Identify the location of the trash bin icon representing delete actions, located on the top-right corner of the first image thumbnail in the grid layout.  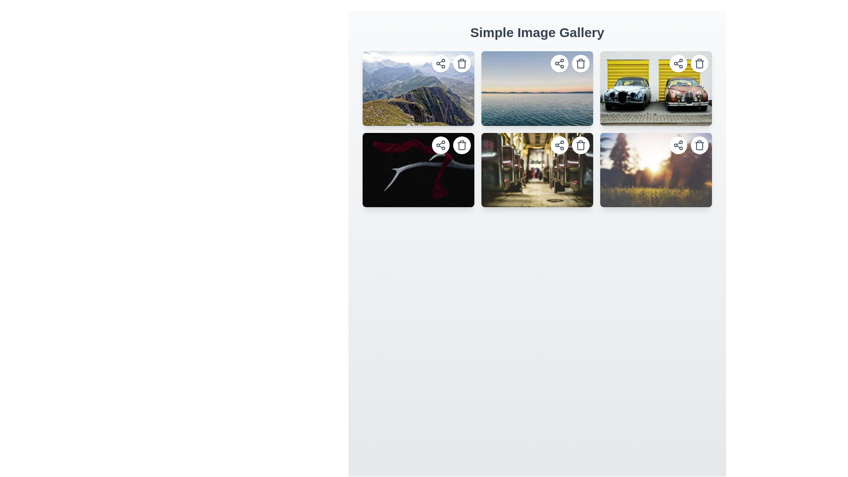
(462, 64).